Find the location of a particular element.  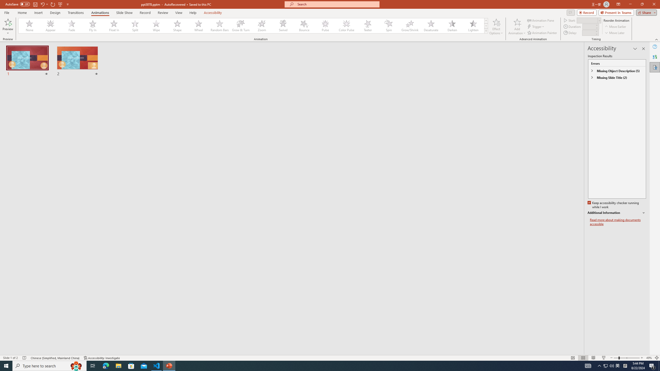

'Teeter' is located at coordinates (367, 26).